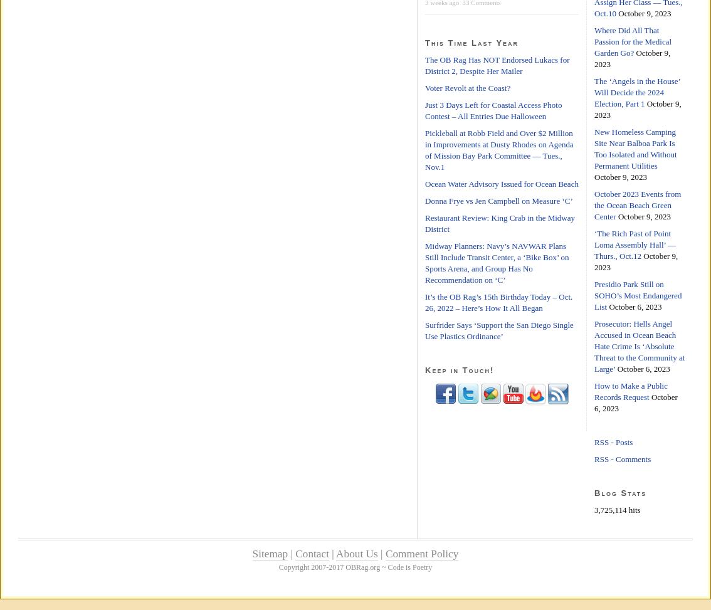 This screenshot has width=711, height=610. Describe the element at coordinates (498, 330) in the screenshot. I see `'Surfrider Says ‘Support the San Diego Single Use Plastics Ordinance’'` at that location.